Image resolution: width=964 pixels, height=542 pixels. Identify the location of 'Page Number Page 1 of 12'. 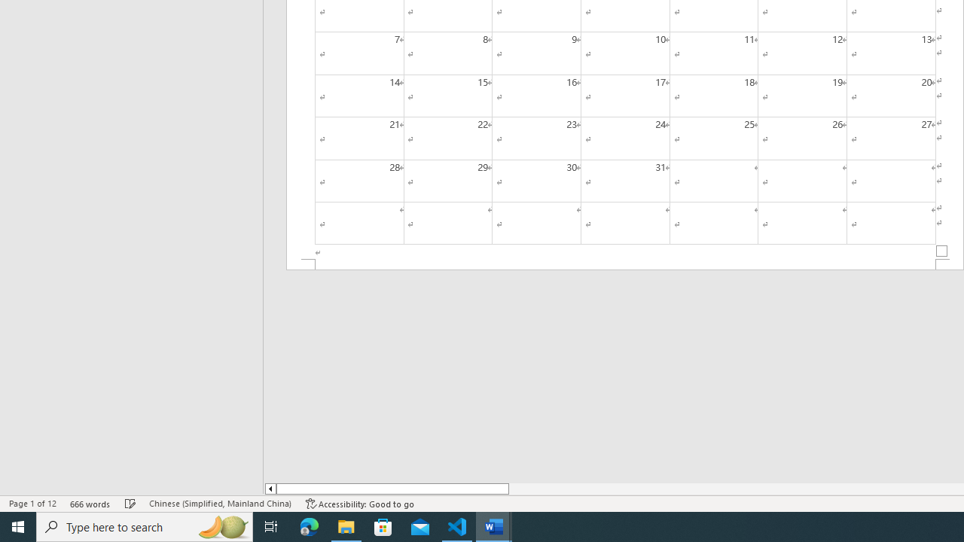
(32, 504).